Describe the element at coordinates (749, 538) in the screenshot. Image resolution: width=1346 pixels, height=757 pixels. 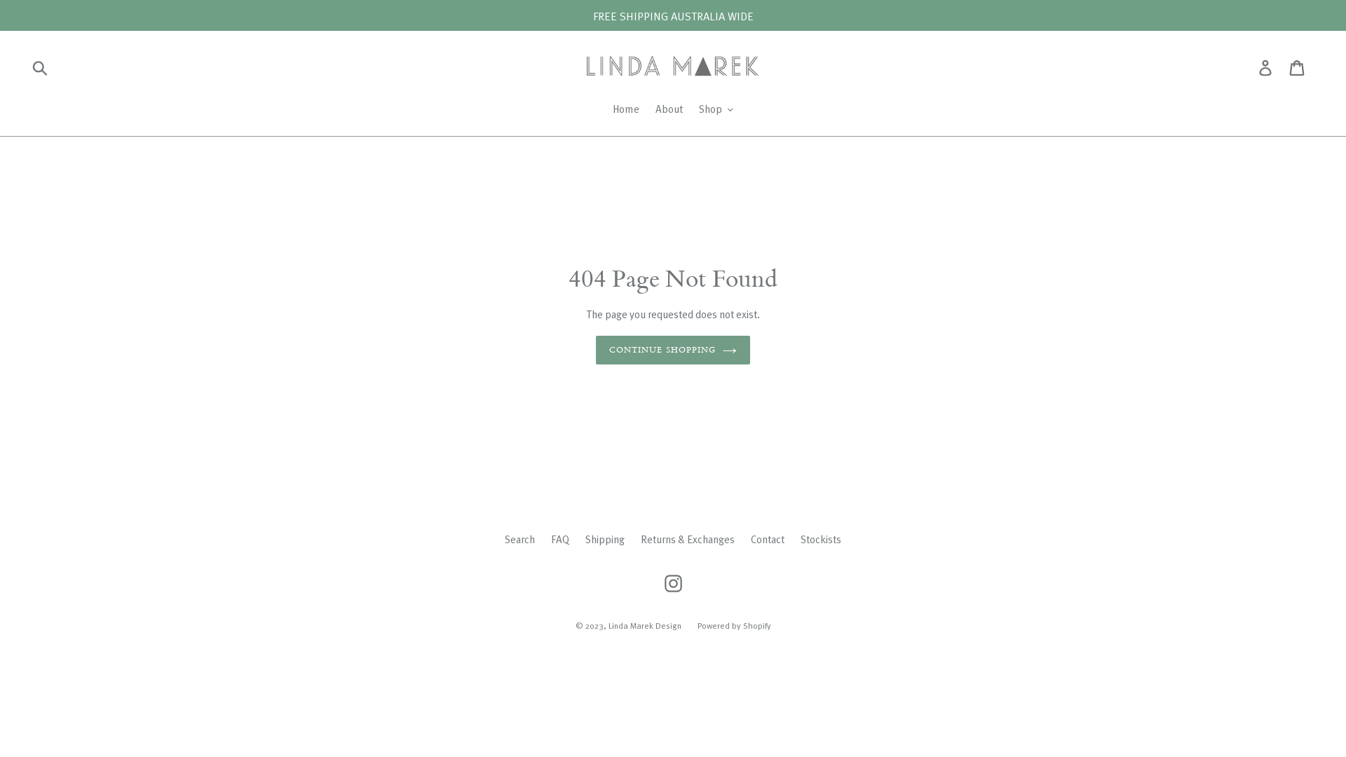
I see `'Contact'` at that location.